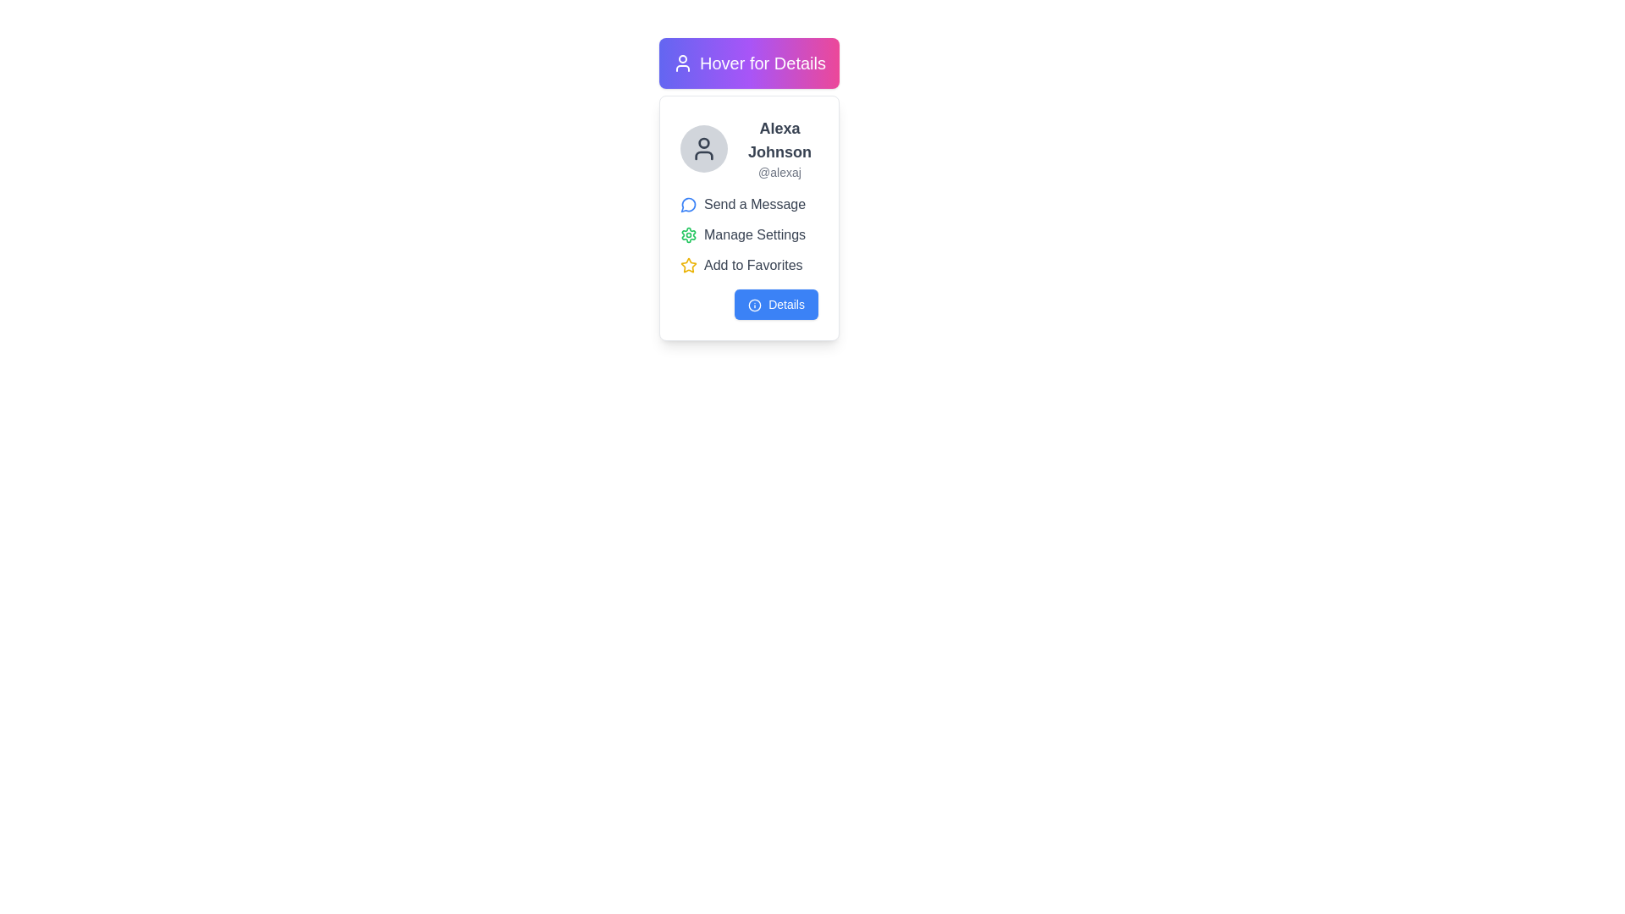 This screenshot has height=914, width=1625. Describe the element at coordinates (689, 234) in the screenshot. I see `the green-themed cogwheel icon representing settings, which is located to the left of the 'Manage Settings' text` at that location.